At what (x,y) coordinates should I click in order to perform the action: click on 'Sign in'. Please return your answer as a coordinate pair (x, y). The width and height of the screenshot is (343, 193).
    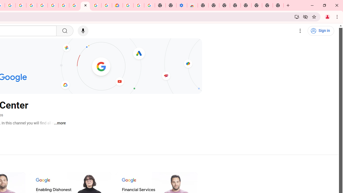
    Looking at the image, I should click on (321, 31).